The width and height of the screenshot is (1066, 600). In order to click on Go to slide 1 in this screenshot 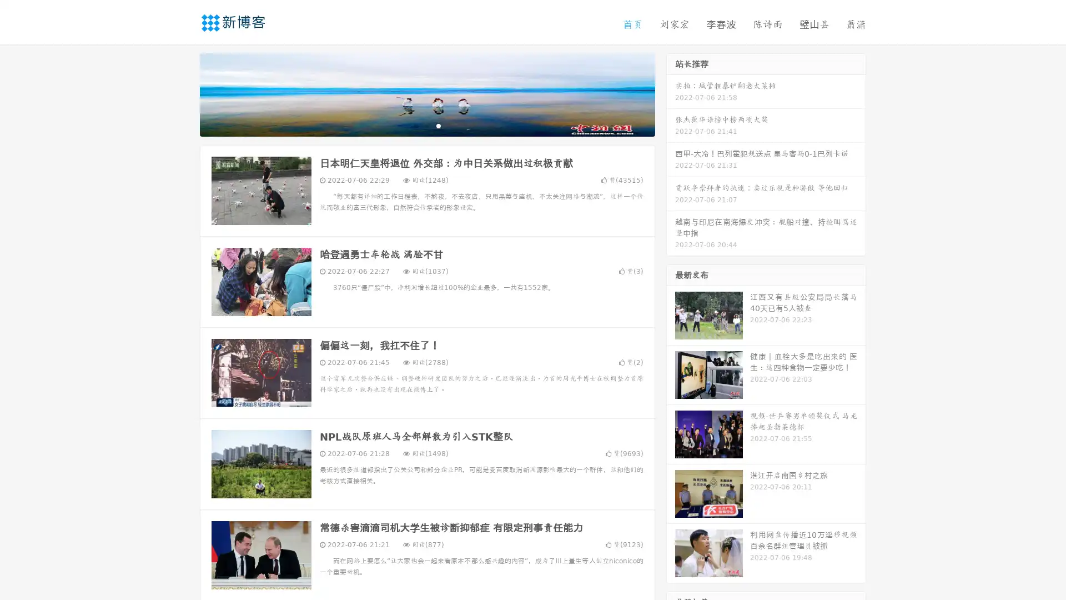, I will do `click(415, 125)`.